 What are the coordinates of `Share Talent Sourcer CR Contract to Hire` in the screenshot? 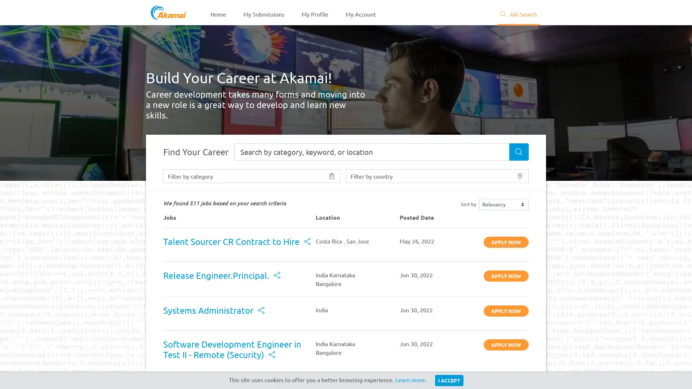 It's located at (307, 242).